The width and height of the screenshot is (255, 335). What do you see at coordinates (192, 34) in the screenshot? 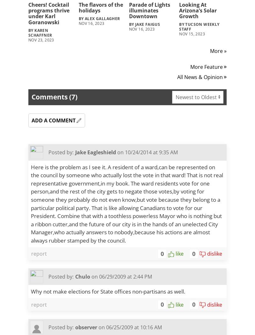
I see `'Nov 15, 2023'` at bounding box center [192, 34].